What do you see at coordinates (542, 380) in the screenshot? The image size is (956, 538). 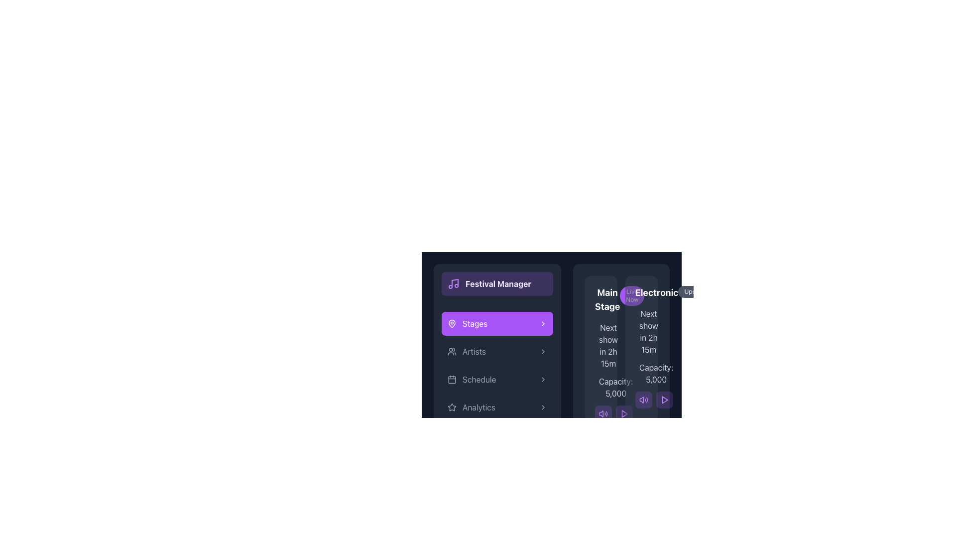 I see `the arrow icon at the right end of the 'Schedule' list item in the vertical menu` at bounding box center [542, 380].